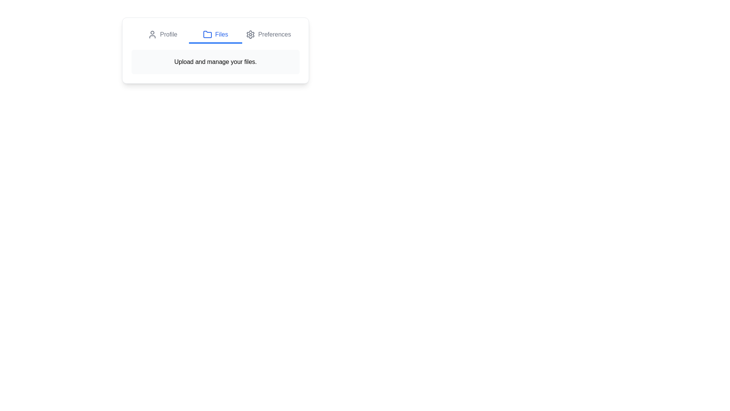 The image size is (730, 411). I want to click on the Files tab to view its content, so click(215, 35).